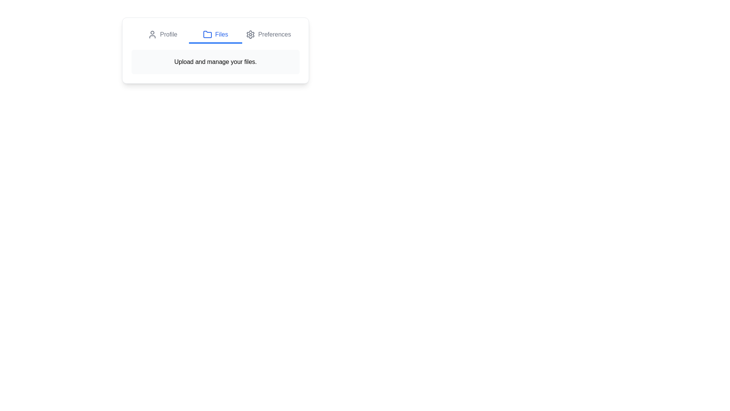 The image size is (730, 411). I want to click on the Files tab to view its content, so click(215, 35).